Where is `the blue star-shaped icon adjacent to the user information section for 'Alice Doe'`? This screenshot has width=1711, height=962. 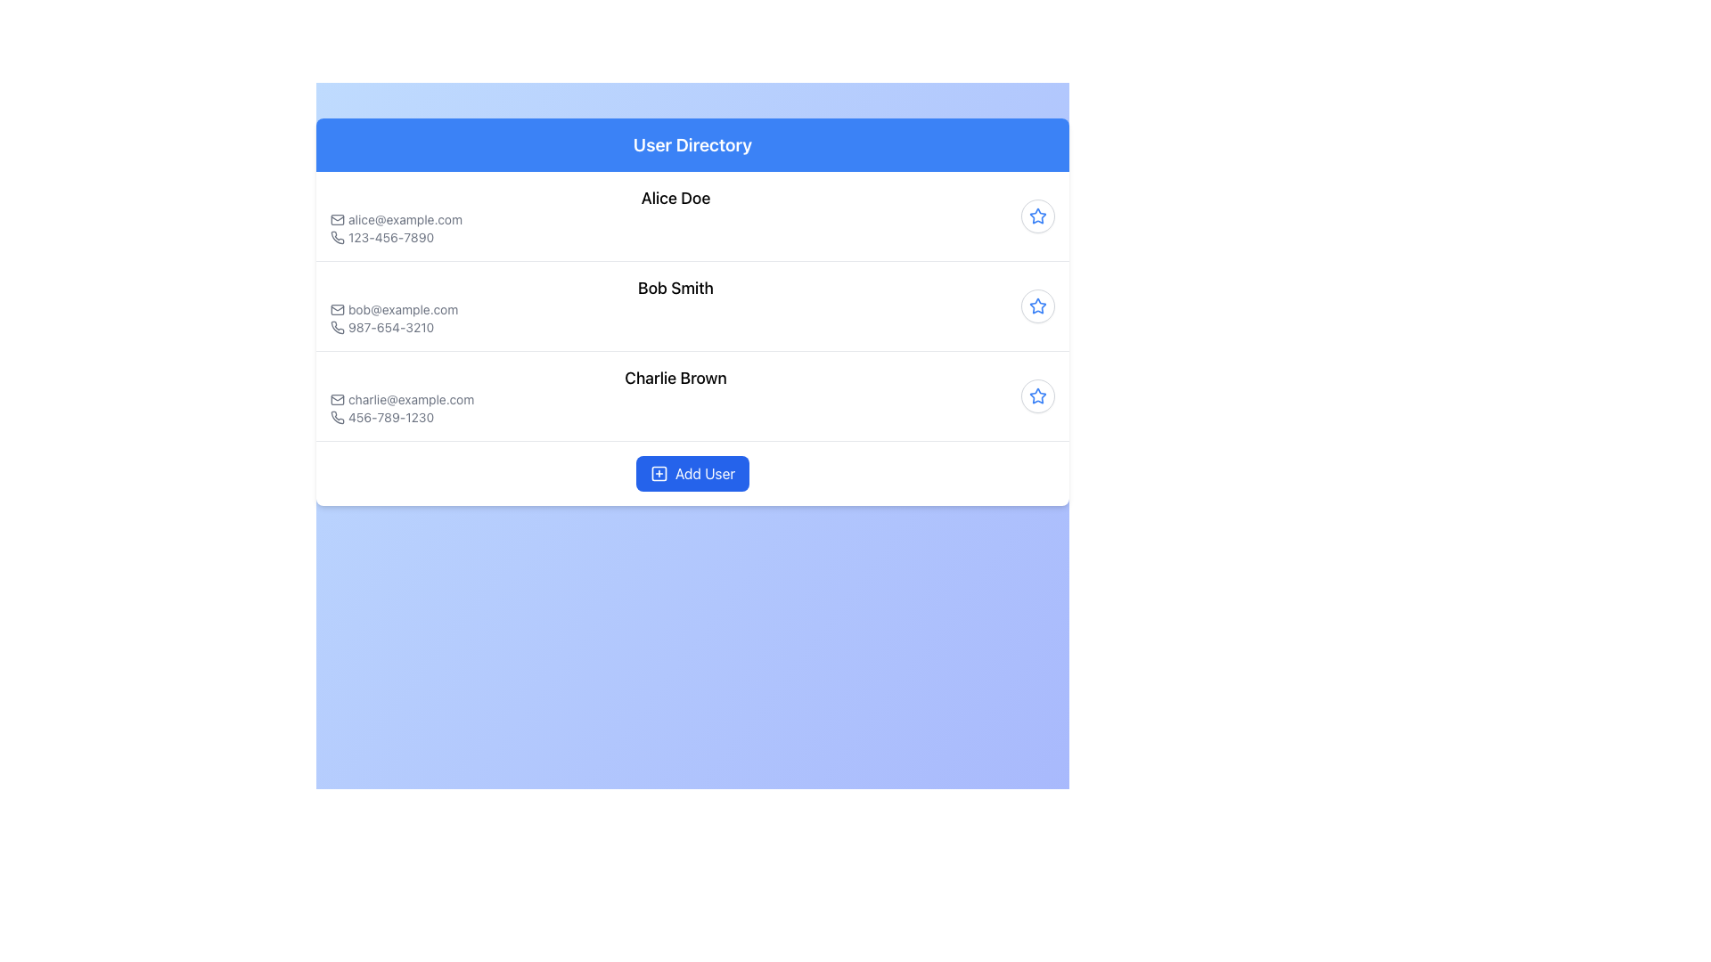 the blue star-shaped icon adjacent to the user information section for 'Alice Doe' is located at coordinates (1038, 395).